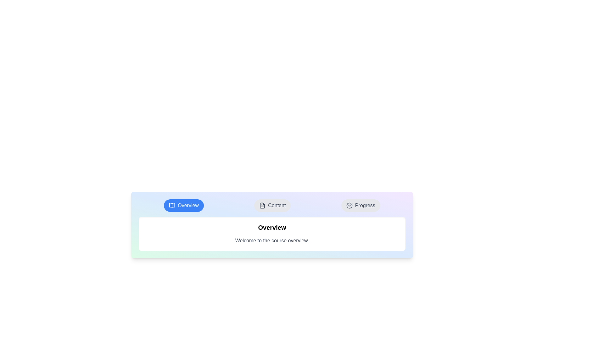 This screenshot has width=604, height=339. What do you see at coordinates (183, 206) in the screenshot?
I see `the tab Overview to observe its visual feedback` at bounding box center [183, 206].